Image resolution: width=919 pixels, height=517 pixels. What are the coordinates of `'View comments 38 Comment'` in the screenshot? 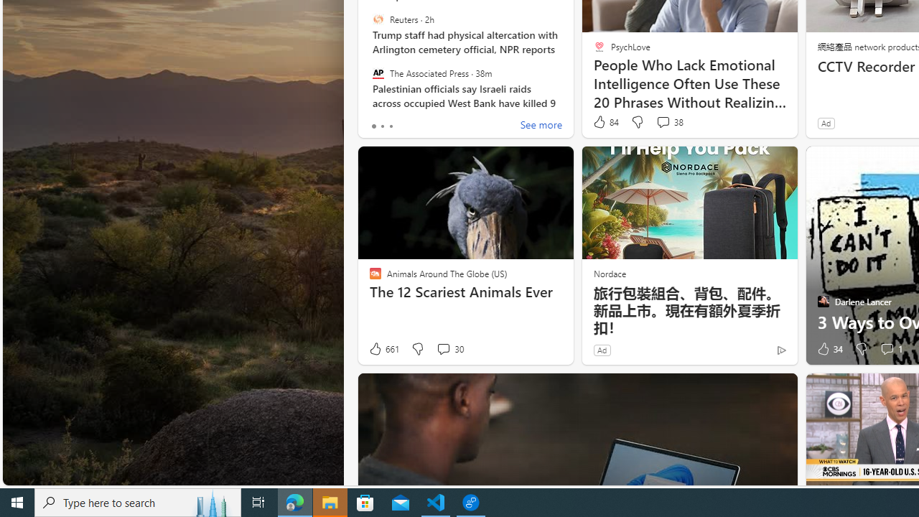 It's located at (662, 121).